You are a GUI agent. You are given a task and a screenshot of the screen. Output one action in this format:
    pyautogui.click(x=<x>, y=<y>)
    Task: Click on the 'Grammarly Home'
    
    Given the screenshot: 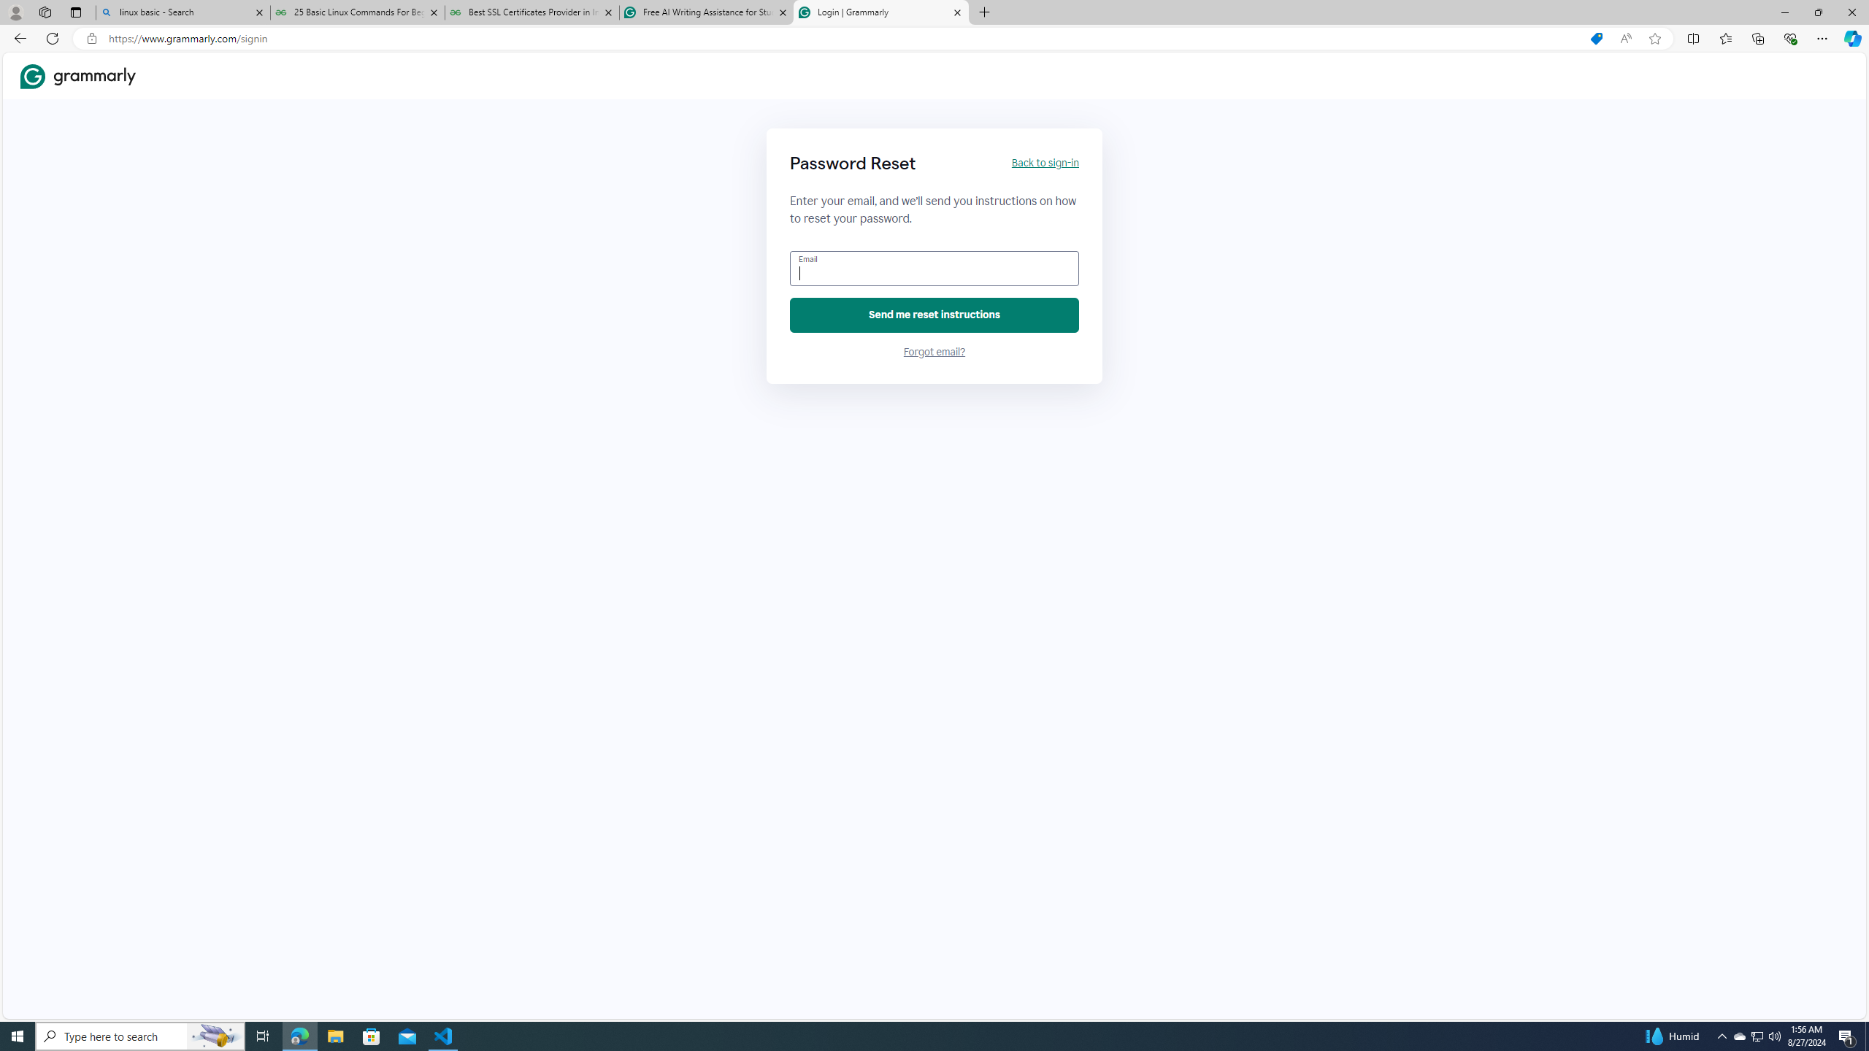 What is the action you would take?
    pyautogui.click(x=77, y=75)
    